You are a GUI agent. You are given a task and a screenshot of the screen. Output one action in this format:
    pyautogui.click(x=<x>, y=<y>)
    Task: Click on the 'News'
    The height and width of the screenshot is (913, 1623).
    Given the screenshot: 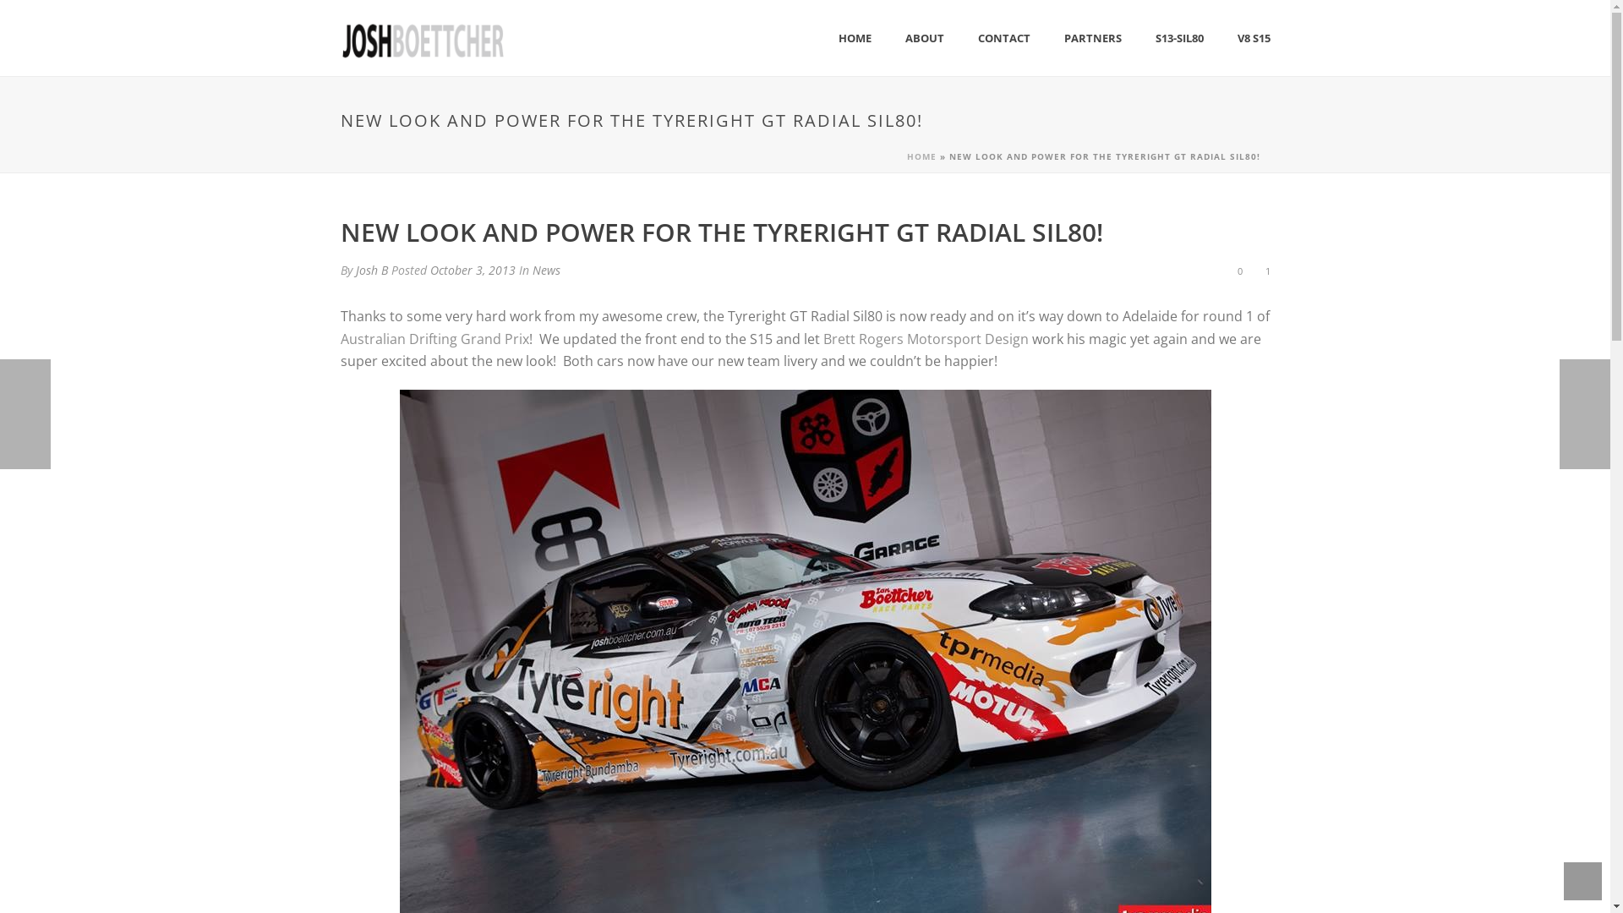 What is the action you would take?
    pyautogui.click(x=546, y=269)
    